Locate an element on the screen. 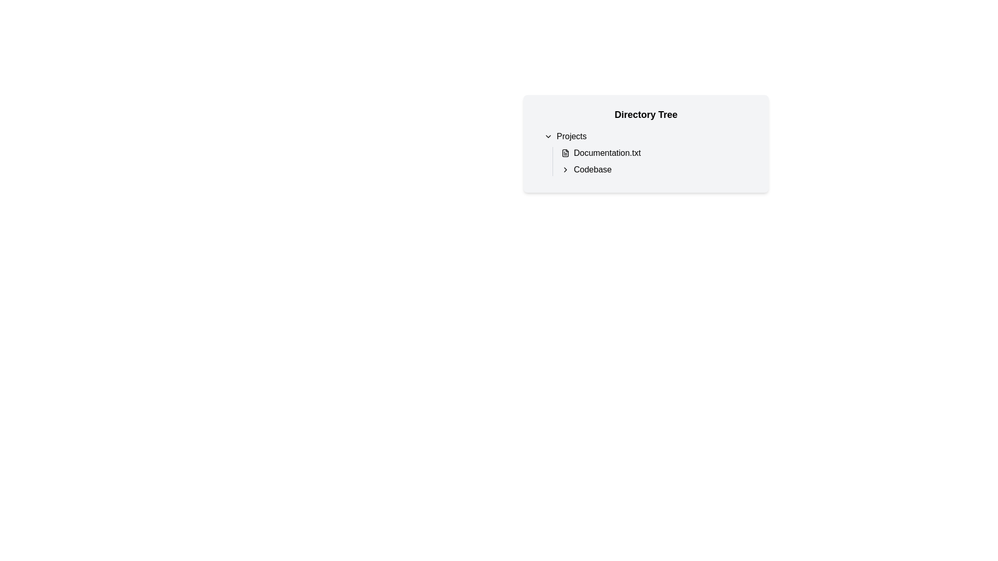 The width and height of the screenshot is (998, 561). the list item representing the file 'Documentation.txt' in the directory tree is located at coordinates (654, 162).